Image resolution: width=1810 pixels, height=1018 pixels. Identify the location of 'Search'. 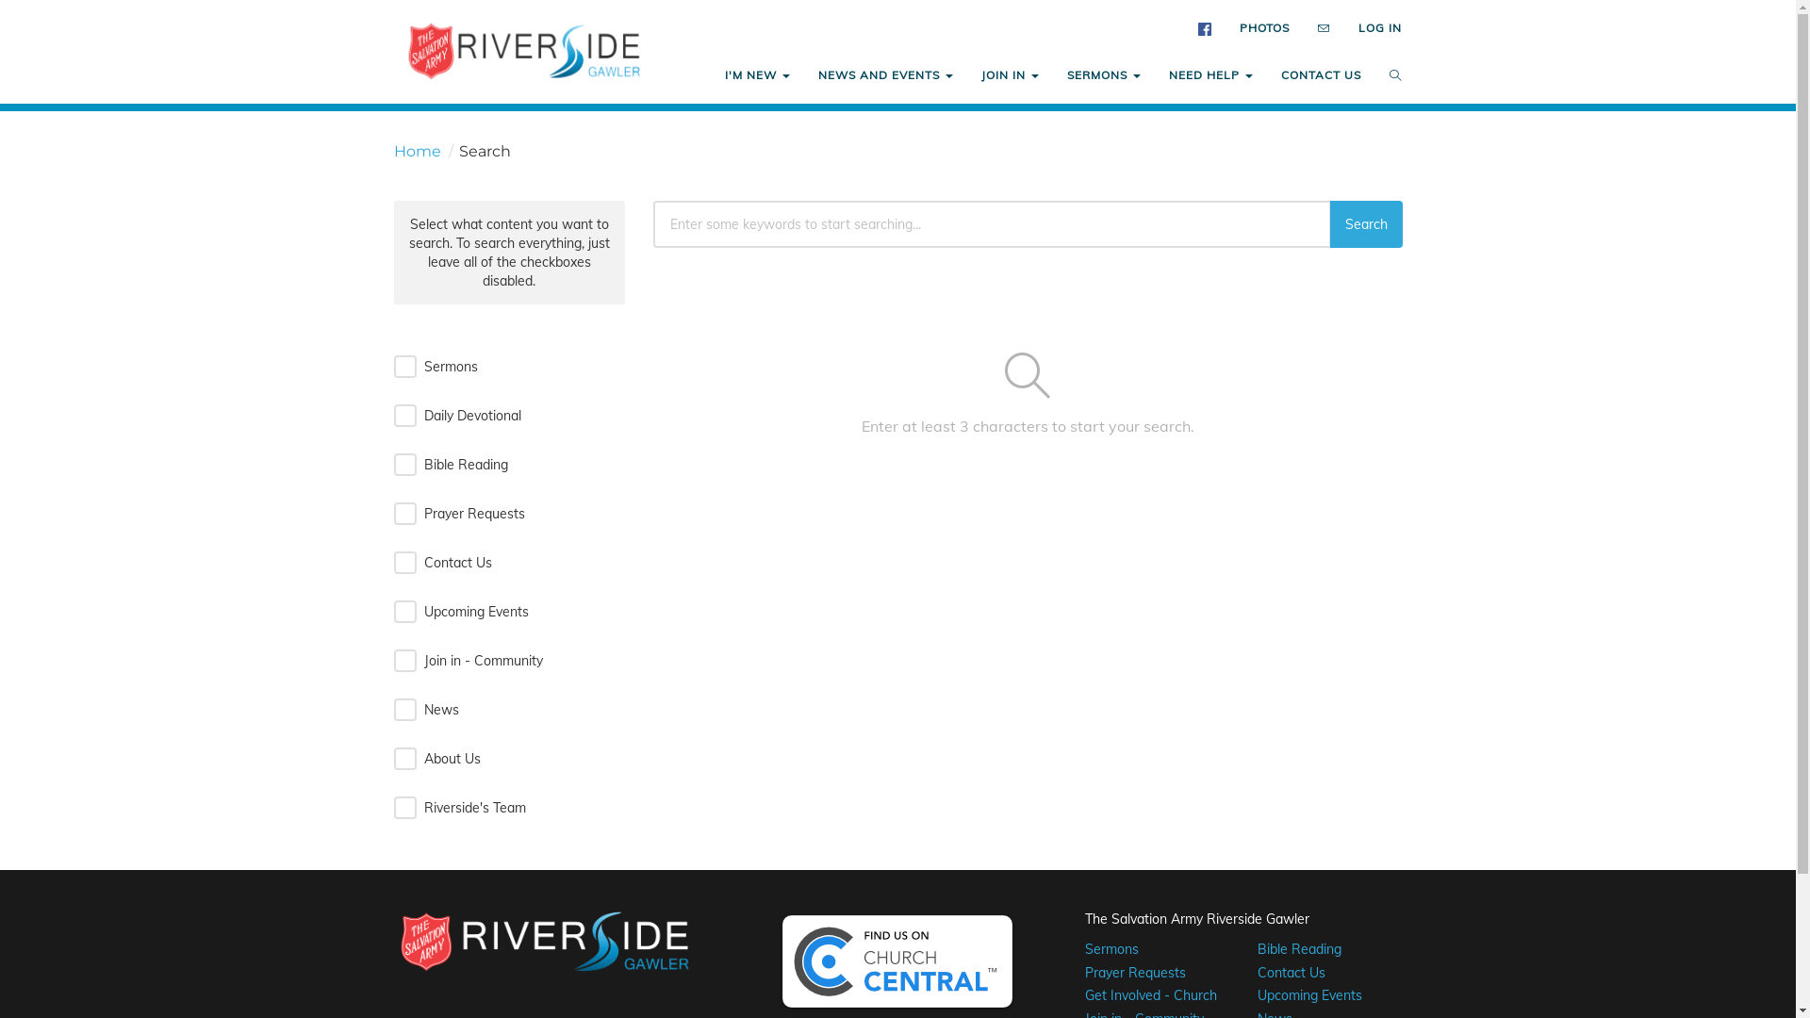
(1365, 223).